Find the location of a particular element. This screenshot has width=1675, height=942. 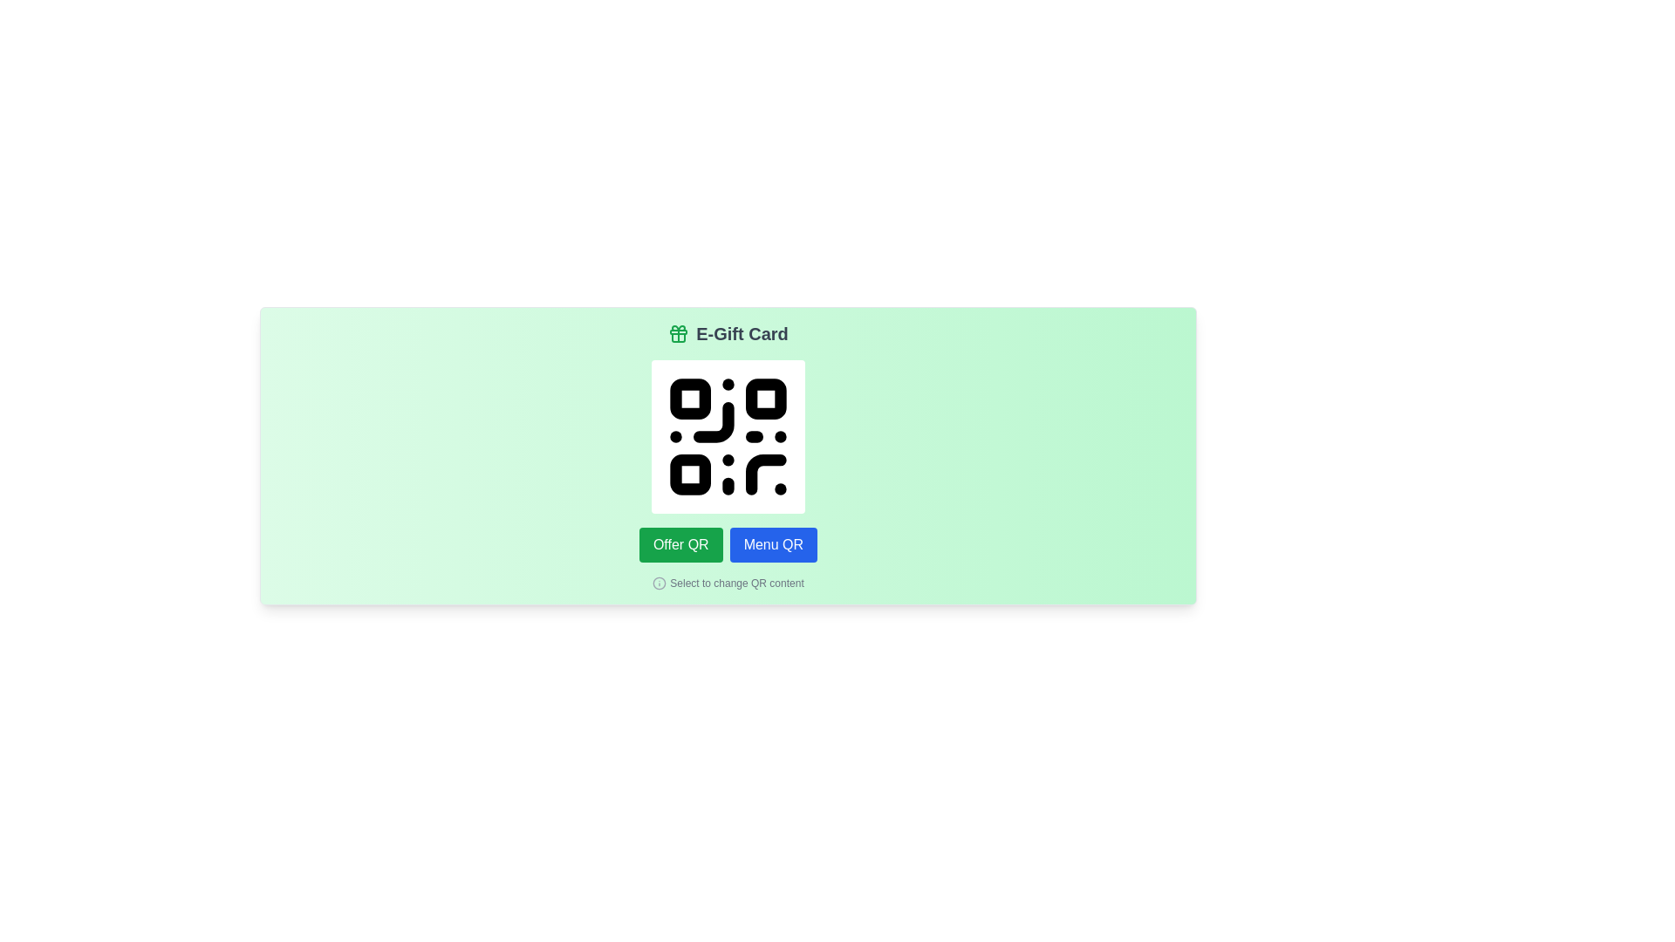

SVG Circle element located at the center of the icon within the top-left region of the green card interface is located at coordinates (659, 583).